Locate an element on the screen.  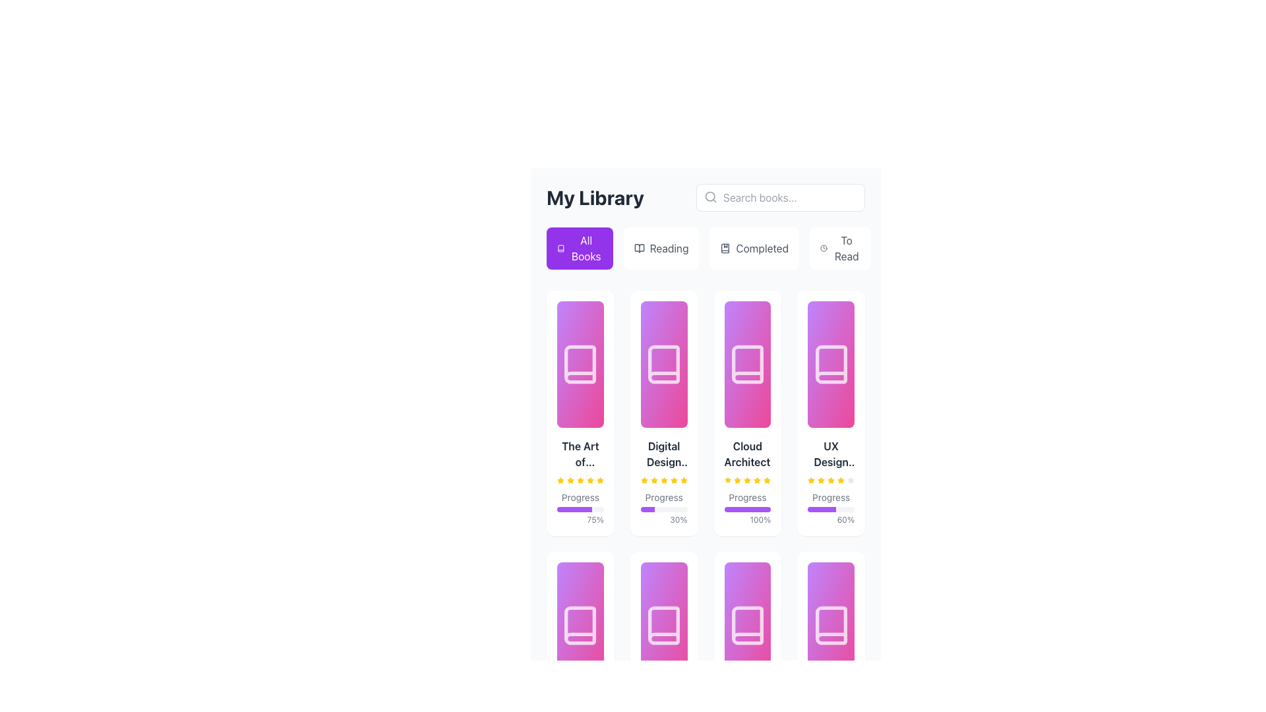
the clock icon within the 'To Read' button located in the top-right section of the navigation bar is located at coordinates (823, 249).